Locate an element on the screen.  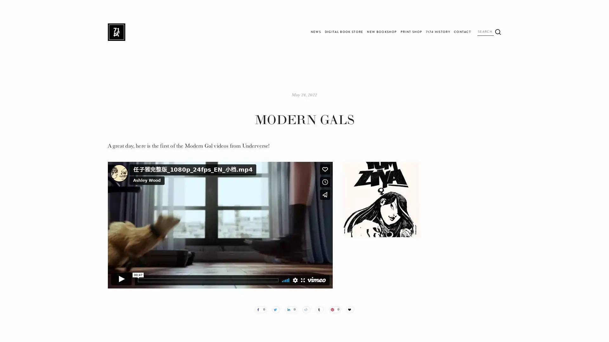
View fullsize zumposter2.jpg is located at coordinates (381, 199).